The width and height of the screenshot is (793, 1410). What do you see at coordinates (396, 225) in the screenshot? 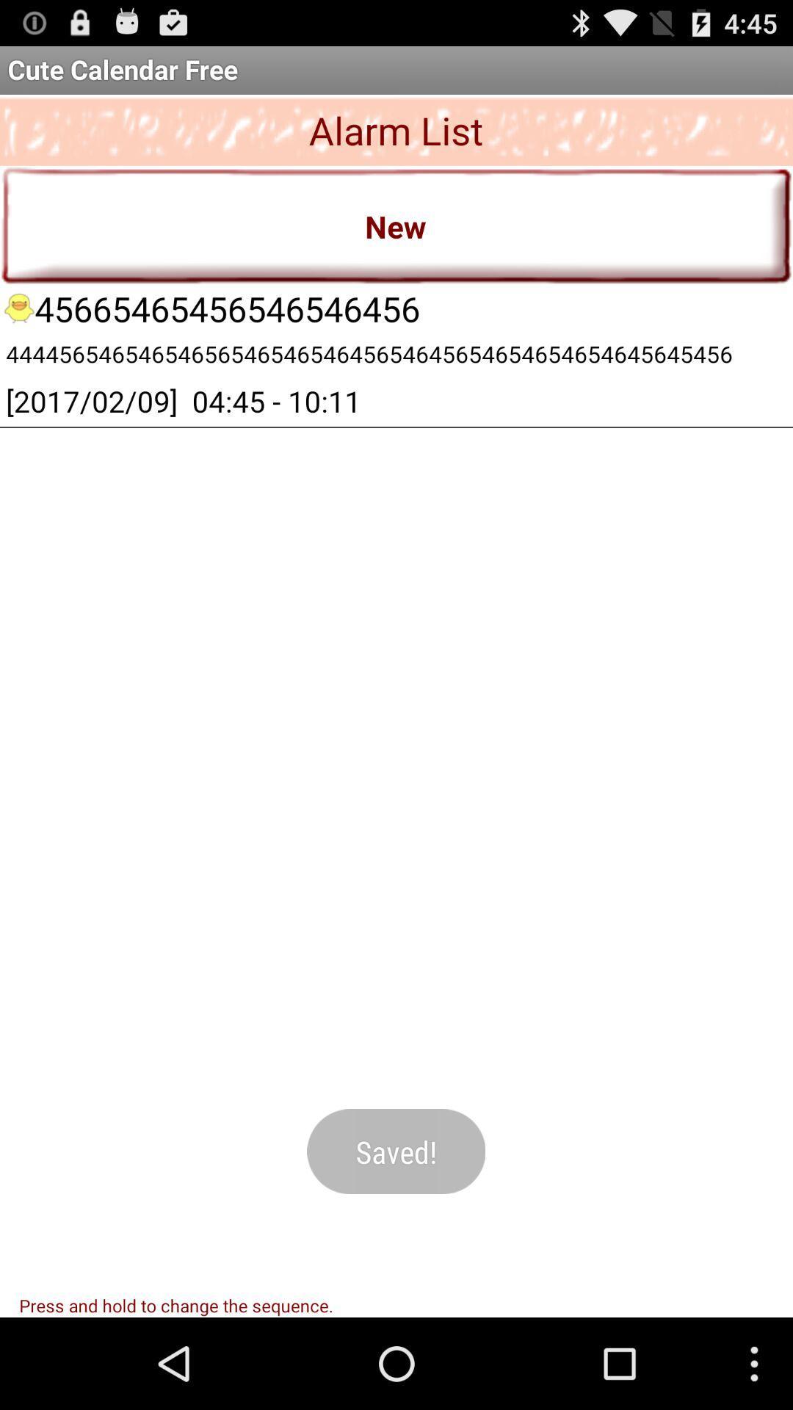
I see `new item` at bounding box center [396, 225].